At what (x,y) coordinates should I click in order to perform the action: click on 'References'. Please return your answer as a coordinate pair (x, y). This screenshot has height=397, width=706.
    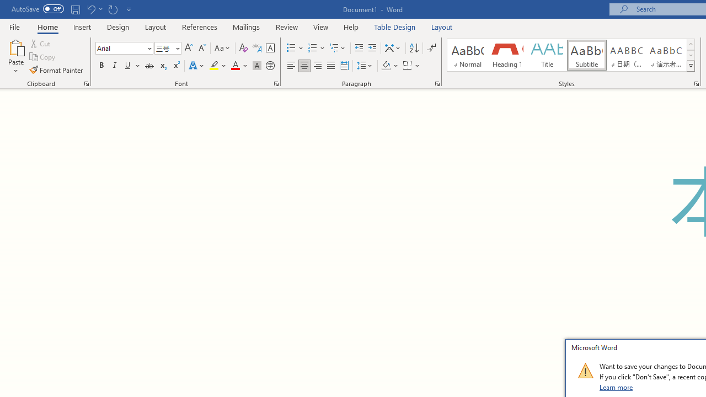
    Looking at the image, I should click on (200, 26).